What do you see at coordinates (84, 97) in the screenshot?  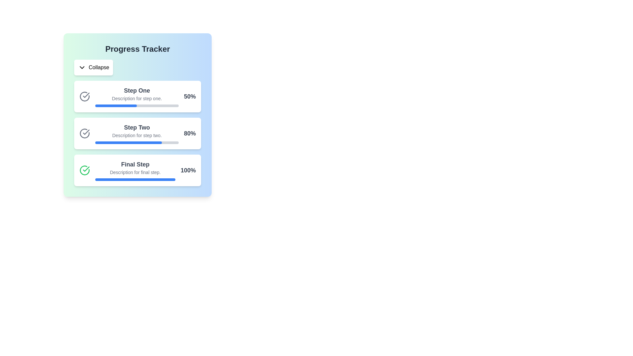 I see `the decorative icon element of the progress indicator located next to the 'Step Two' label in the progress tracker interface` at bounding box center [84, 97].